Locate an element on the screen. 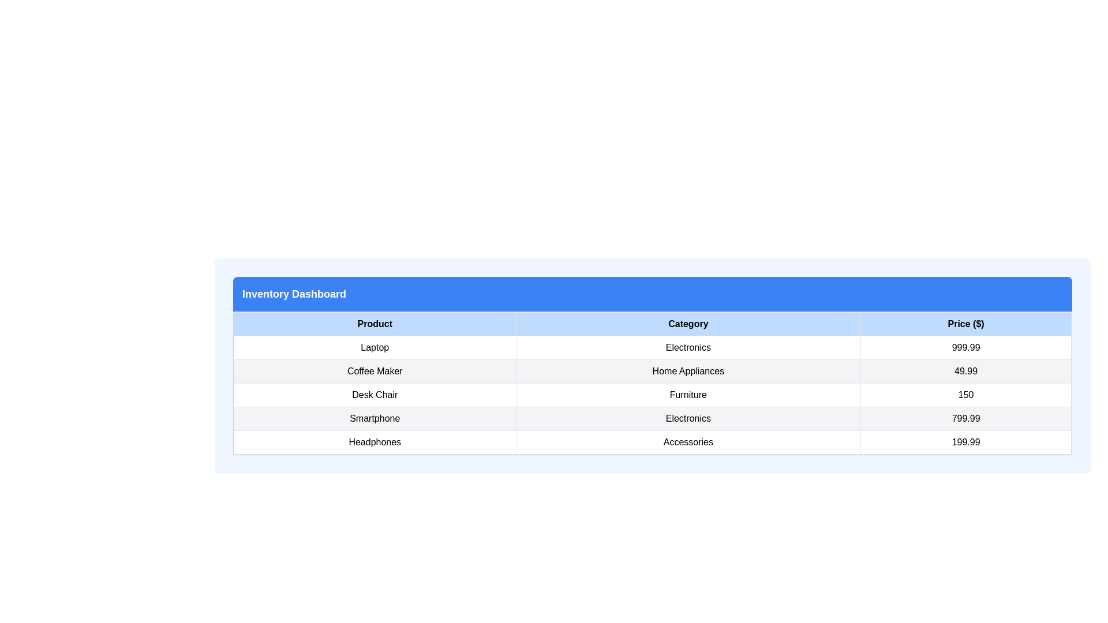 The width and height of the screenshot is (1108, 623). the Text Label displaying the category 'Headphones', which is the second cell in the 'Category' column of the table is located at coordinates (688, 442).